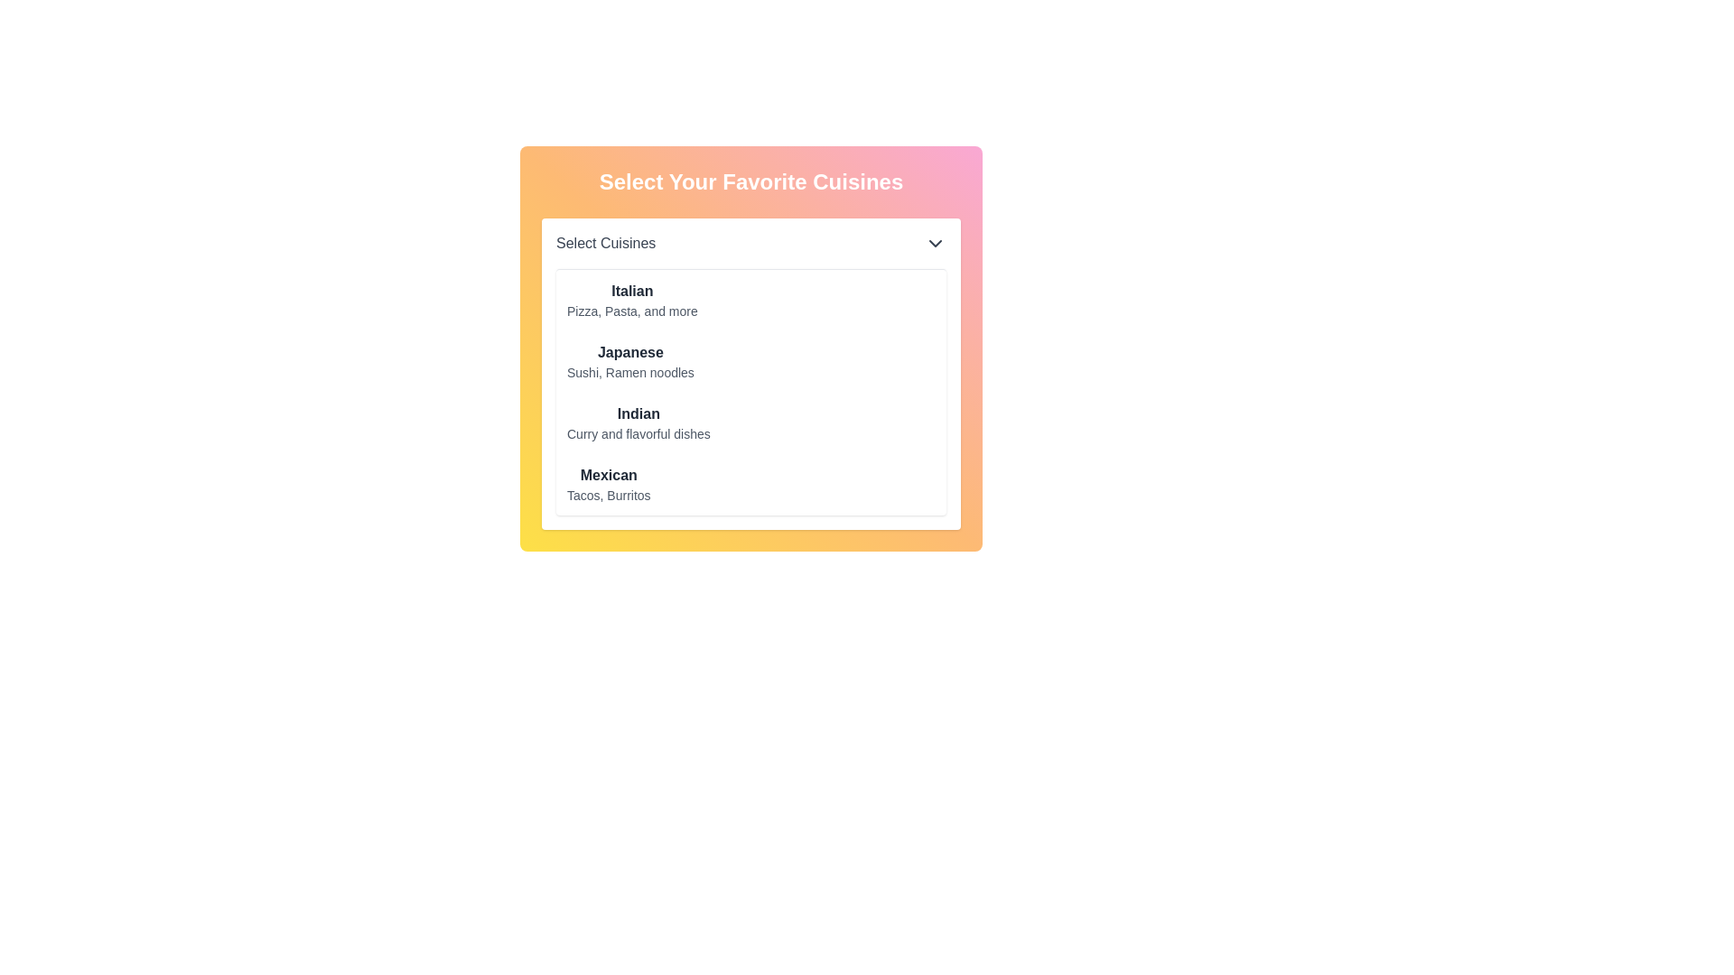 The image size is (1734, 975). Describe the element at coordinates (609, 483) in the screenshot. I see `the 'Mexican' cuisine category list item` at that location.